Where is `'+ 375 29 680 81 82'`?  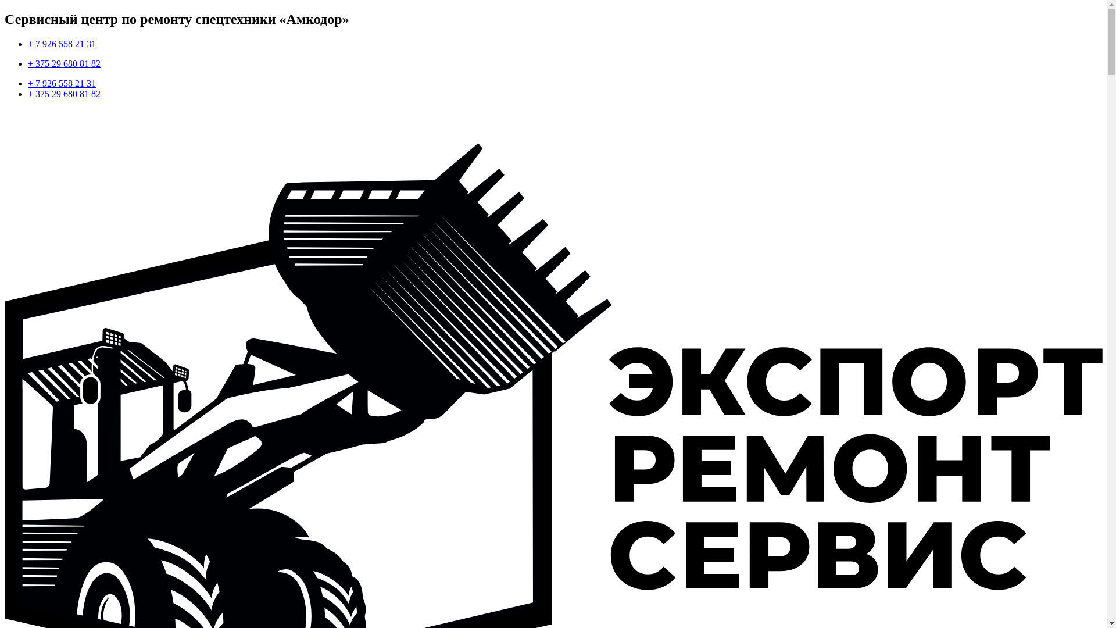 '+ 375 29 680 81 82' is located at coordinates (63, 63).